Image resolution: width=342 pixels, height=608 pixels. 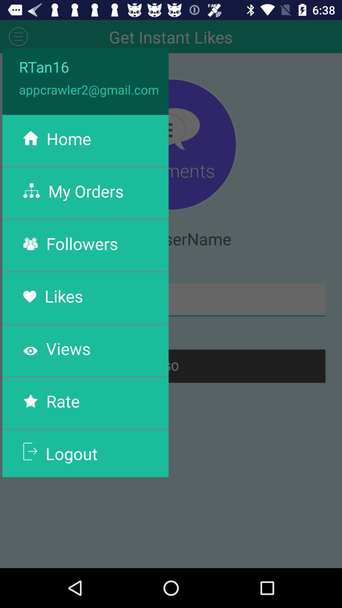 What do you see at coordinates (68, 348) in the screenshot?
I see `the views app` at bounding box center [68, 348].